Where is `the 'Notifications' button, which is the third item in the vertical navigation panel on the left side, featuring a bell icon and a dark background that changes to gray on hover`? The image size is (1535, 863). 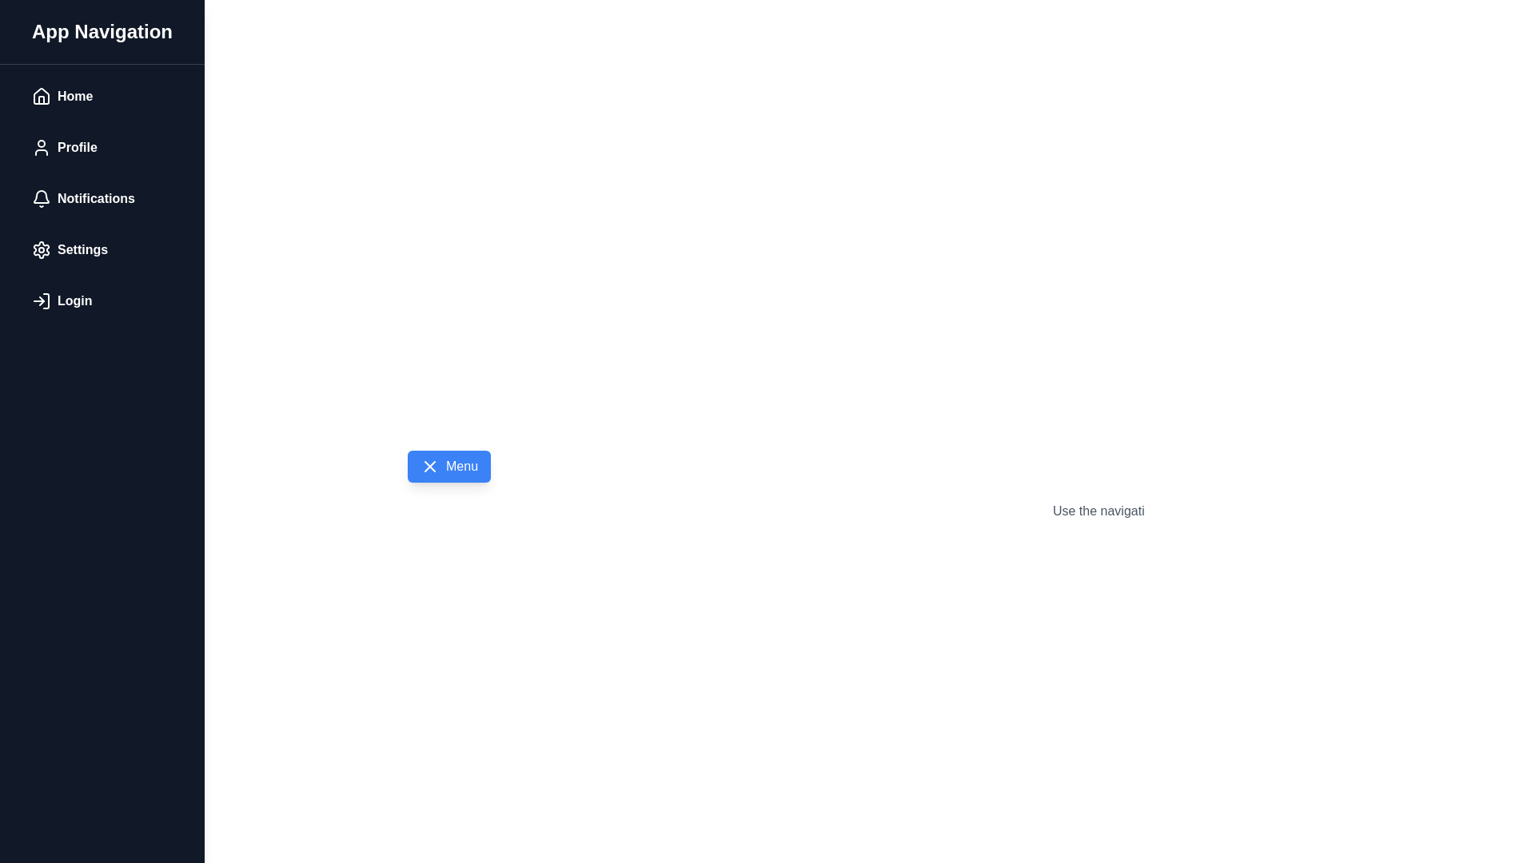
the 'Notifications' button, which is the third item in the vertical navigation panel on the left side, featuring a bell icon and a dark background that changes to gray on hover is located at coordinates (102, 198).